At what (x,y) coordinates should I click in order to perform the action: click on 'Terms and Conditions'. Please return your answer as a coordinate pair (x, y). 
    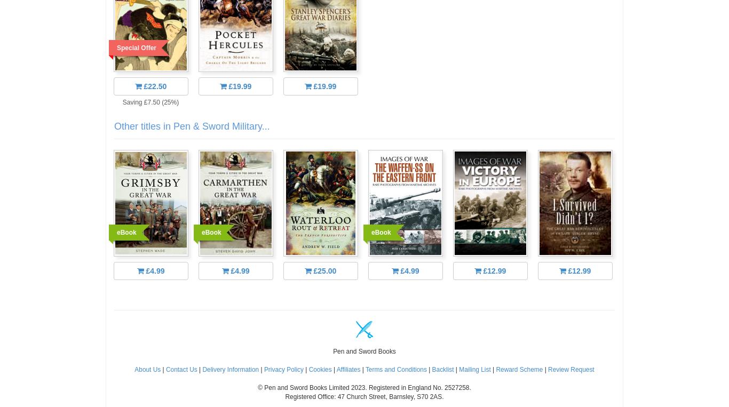
    Looking at the image, I should click on (395, 369).